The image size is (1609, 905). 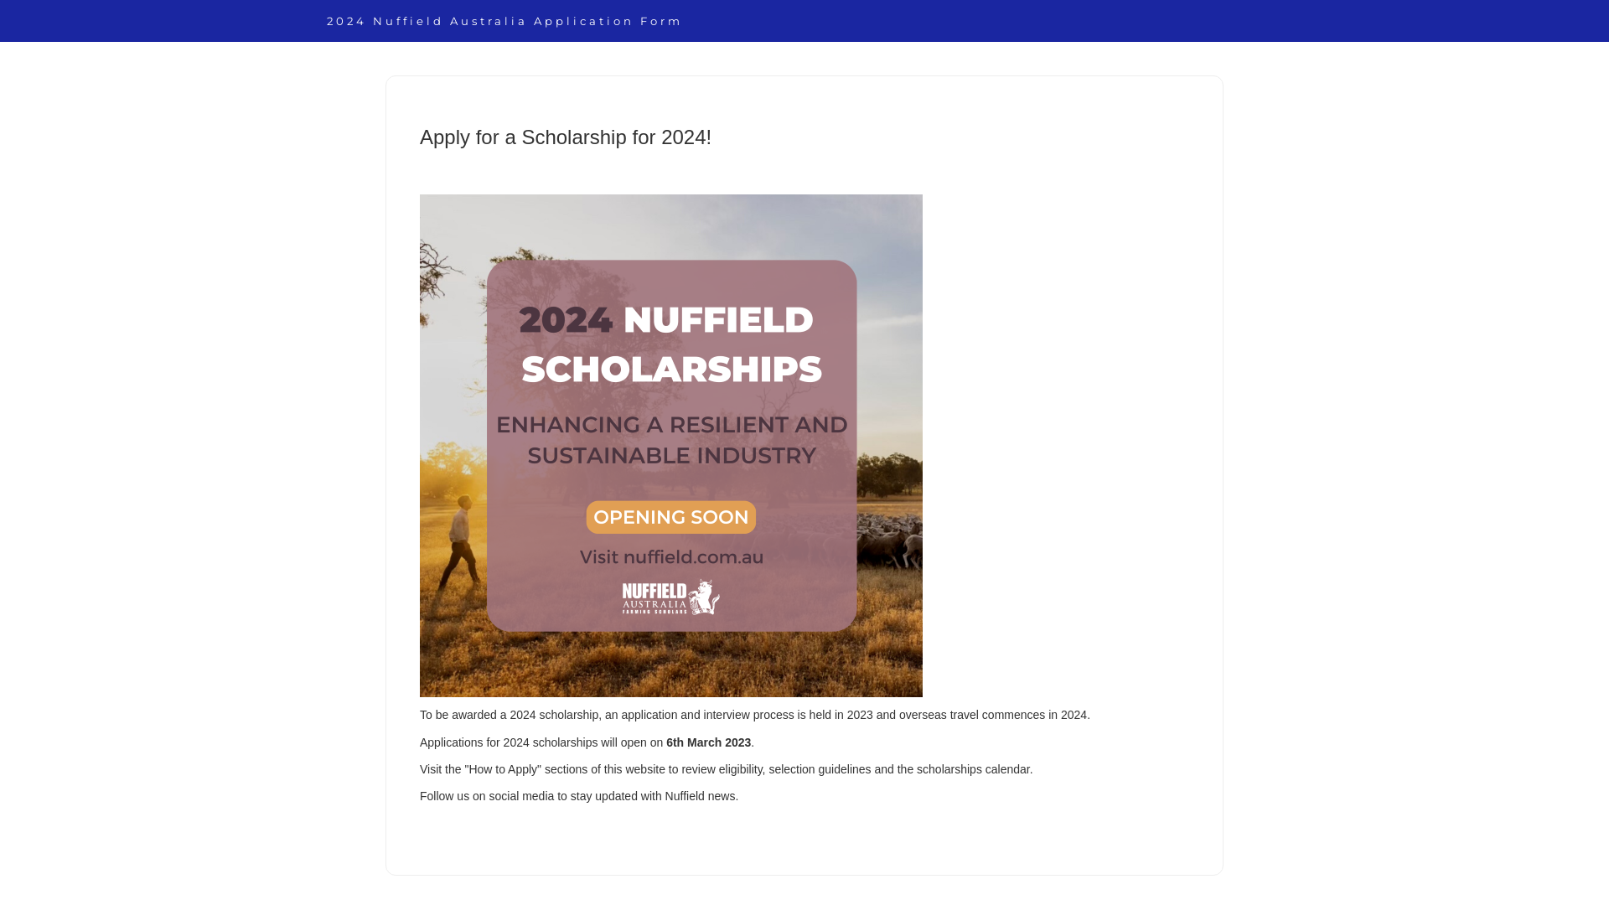 What do you see at coordinates (504, 20) in the screenshot?
I see `'2024 Nuffield Australia Application Form'` at bounding box center [504, 20].